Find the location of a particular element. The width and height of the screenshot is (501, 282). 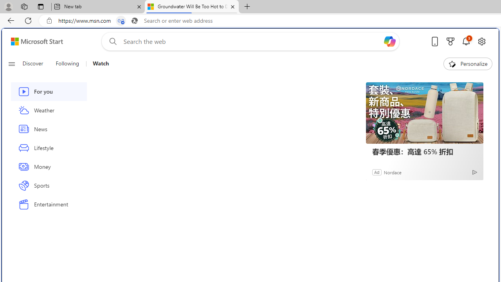

'Following' is located at coordinates (67, 63).